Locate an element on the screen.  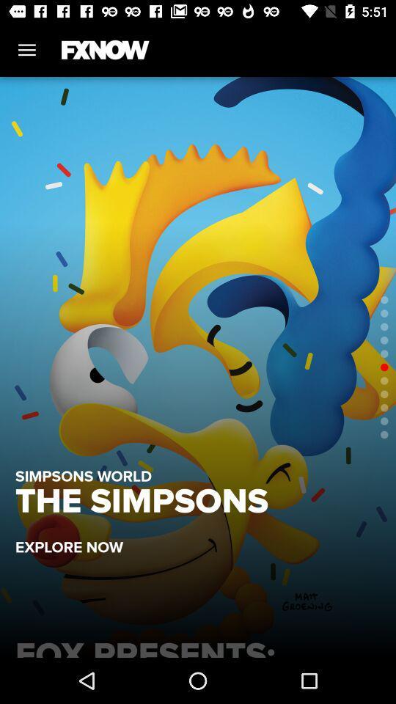
the item below the the simpsons is located at coordinates (76, 539).